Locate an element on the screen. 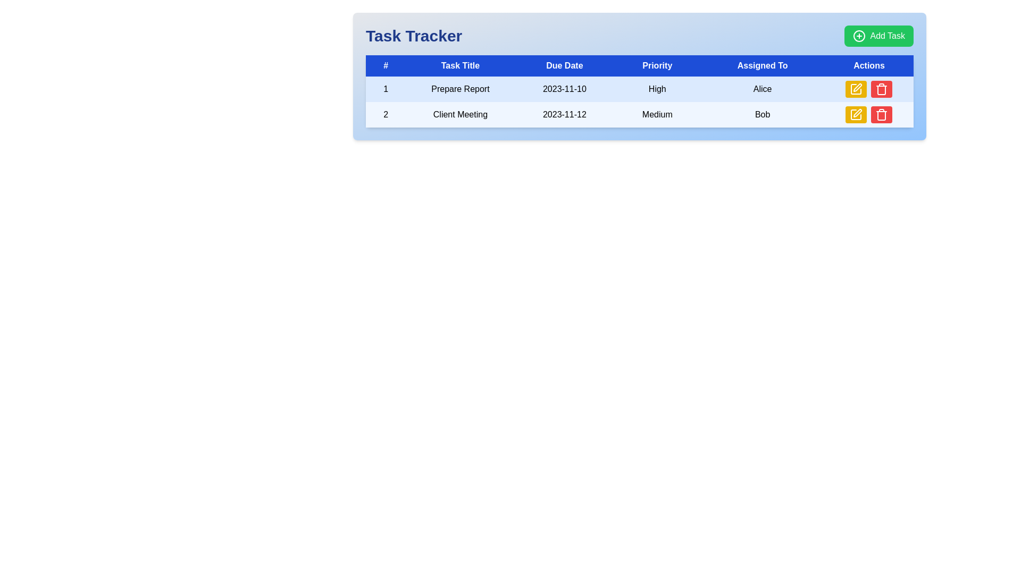 Image resolution: width=1021 pixels, height=574 pixels. the header text label indicating due date information in the table, which is the third column from the left is located at coordinates (564, 65).